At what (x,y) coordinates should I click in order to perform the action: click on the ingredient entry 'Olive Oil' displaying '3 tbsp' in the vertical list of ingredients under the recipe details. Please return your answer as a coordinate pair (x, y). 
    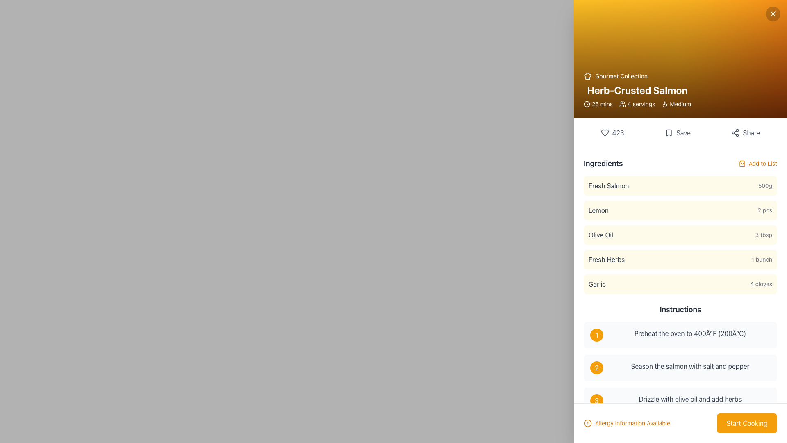
    Looking at the image, I should click on (680, 235).